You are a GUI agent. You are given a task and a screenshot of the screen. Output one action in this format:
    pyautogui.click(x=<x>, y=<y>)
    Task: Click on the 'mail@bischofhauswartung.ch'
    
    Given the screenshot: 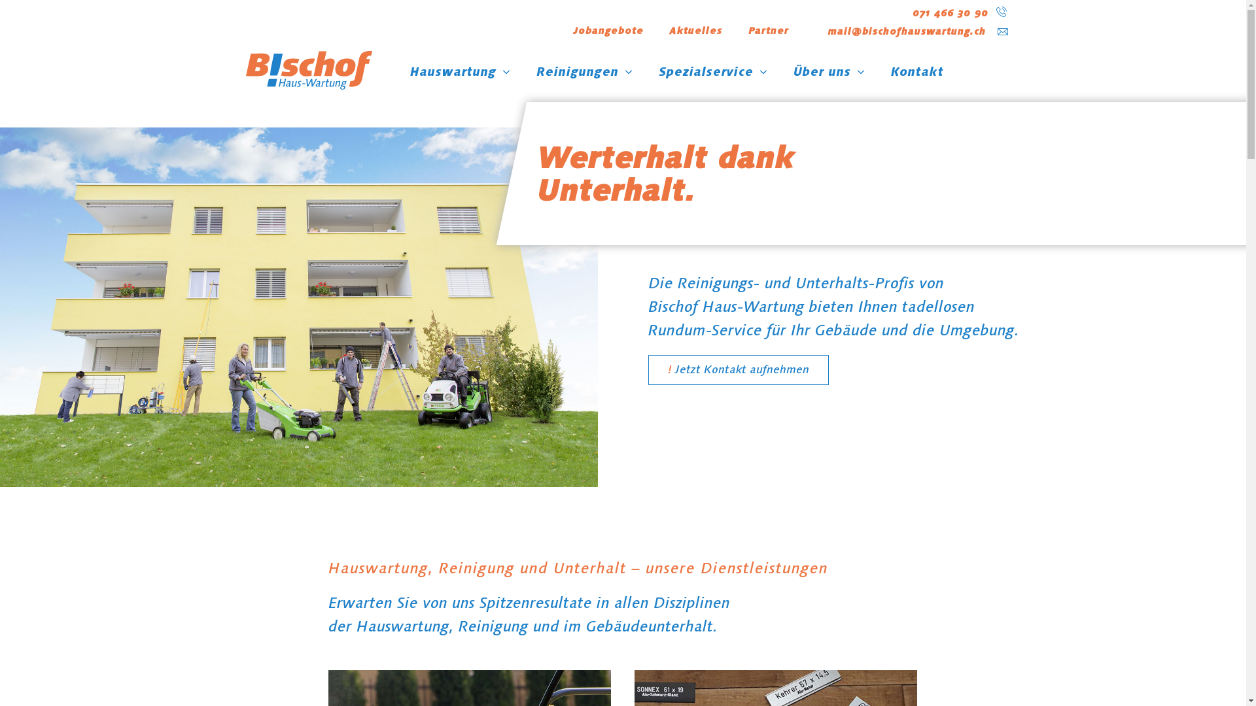 What is the action you would take?
    pyautogui.click(x=906, y=30)
    